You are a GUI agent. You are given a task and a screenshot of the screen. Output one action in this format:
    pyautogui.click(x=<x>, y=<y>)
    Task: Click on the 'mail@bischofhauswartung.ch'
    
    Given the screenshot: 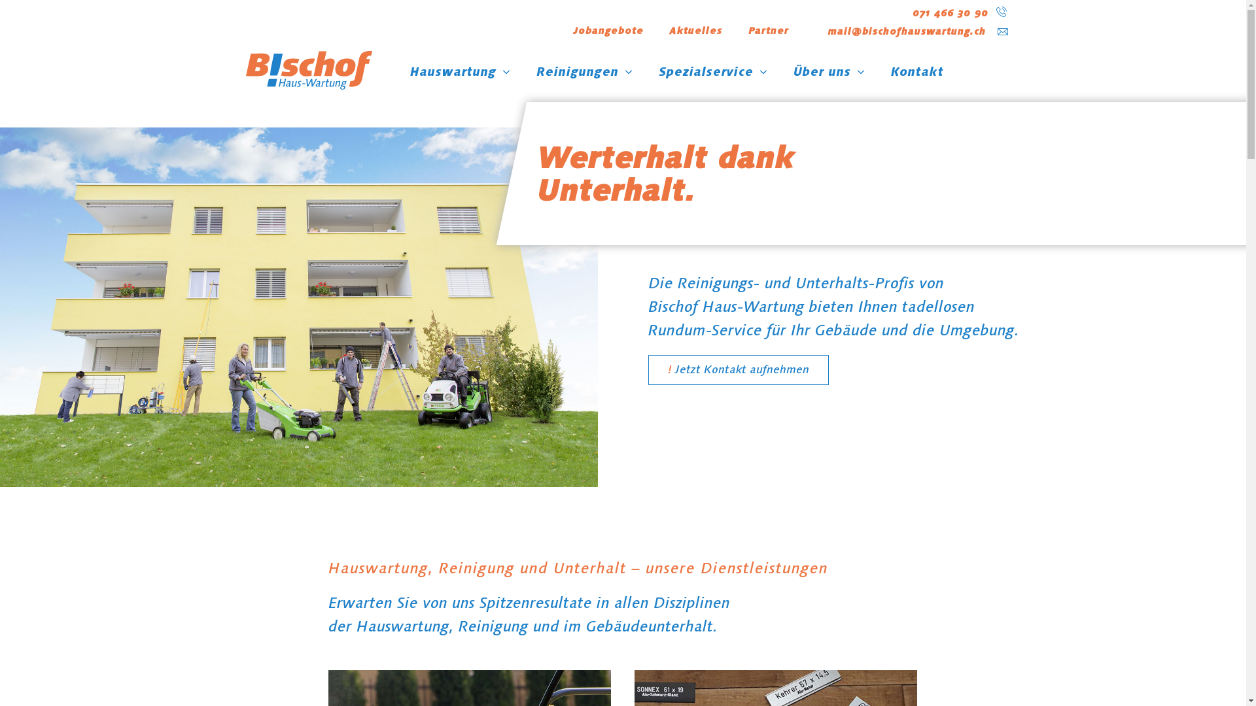 What is the action you would take?
    pyautogui.click(x=906, y=30)
    